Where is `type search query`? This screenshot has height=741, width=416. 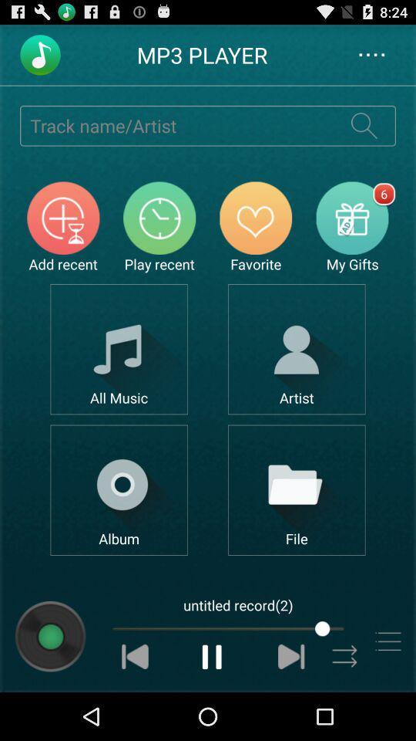
type search query is located at coordinates (176, 124).